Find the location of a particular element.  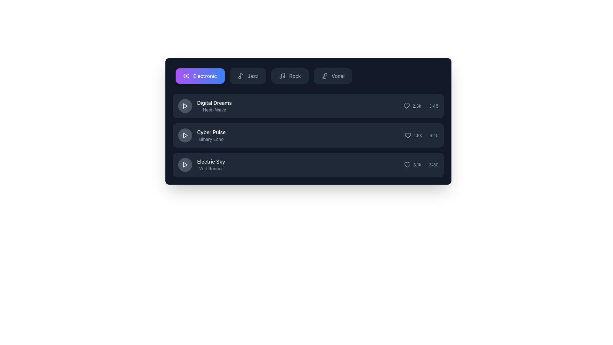

the heart icon and text combination displaying '2.3k' located in the first row of the list towards the right-hand side, adjacent to the duration indicator '3:45' is located at coordinates (412, 105).